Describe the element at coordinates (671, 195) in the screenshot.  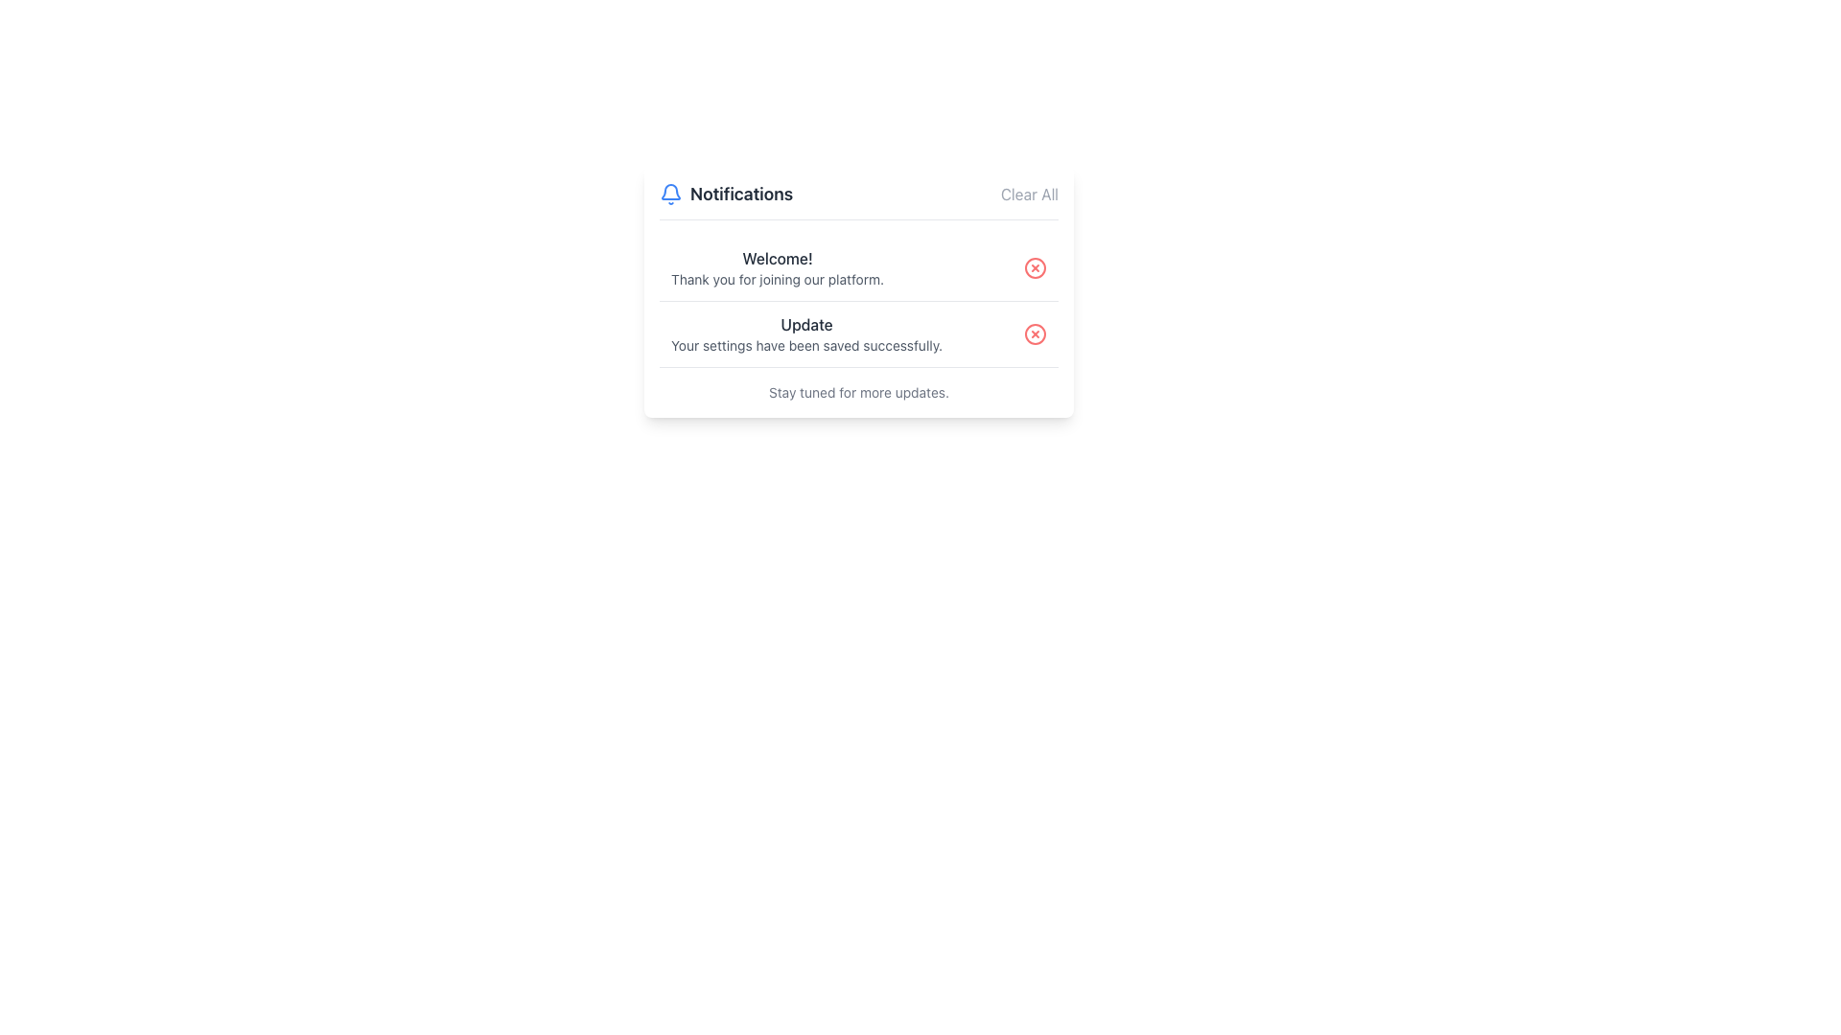
I see `the blue notification bell icon located to the left of the 'Notifications' text in the top-left area of the notification panel` at that location.